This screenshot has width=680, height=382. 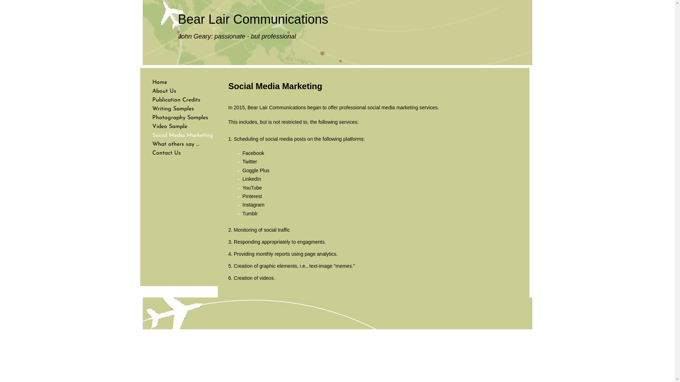 I want to click on 'What others say ...', so click(x=176, y=144).